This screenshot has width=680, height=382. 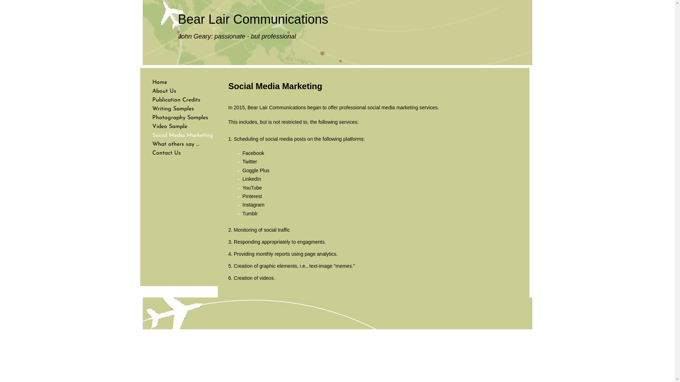 I want to click on 'What others say ...', so click(x=176, y=144).